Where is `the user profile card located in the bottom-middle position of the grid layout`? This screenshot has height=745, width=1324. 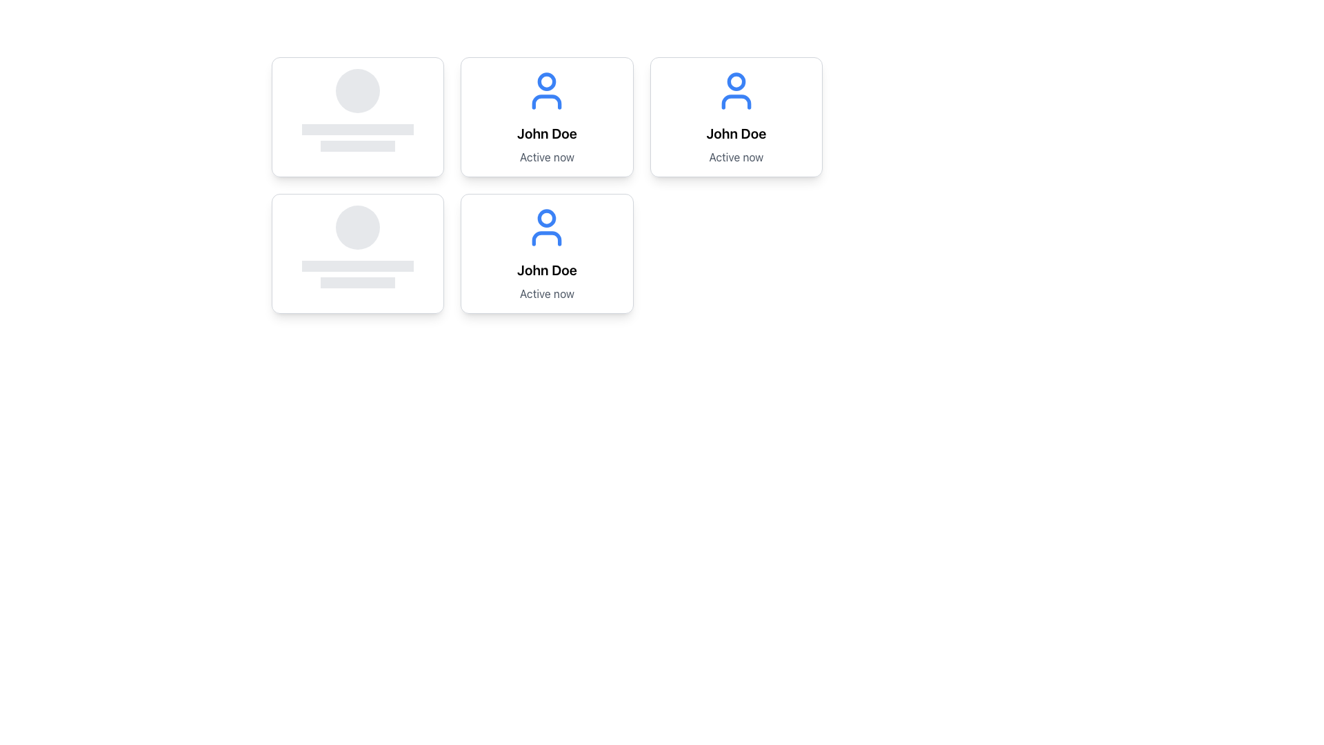 the user profile card located in the bottom-middle position of the grid layout is located at coordinates (546, 185).